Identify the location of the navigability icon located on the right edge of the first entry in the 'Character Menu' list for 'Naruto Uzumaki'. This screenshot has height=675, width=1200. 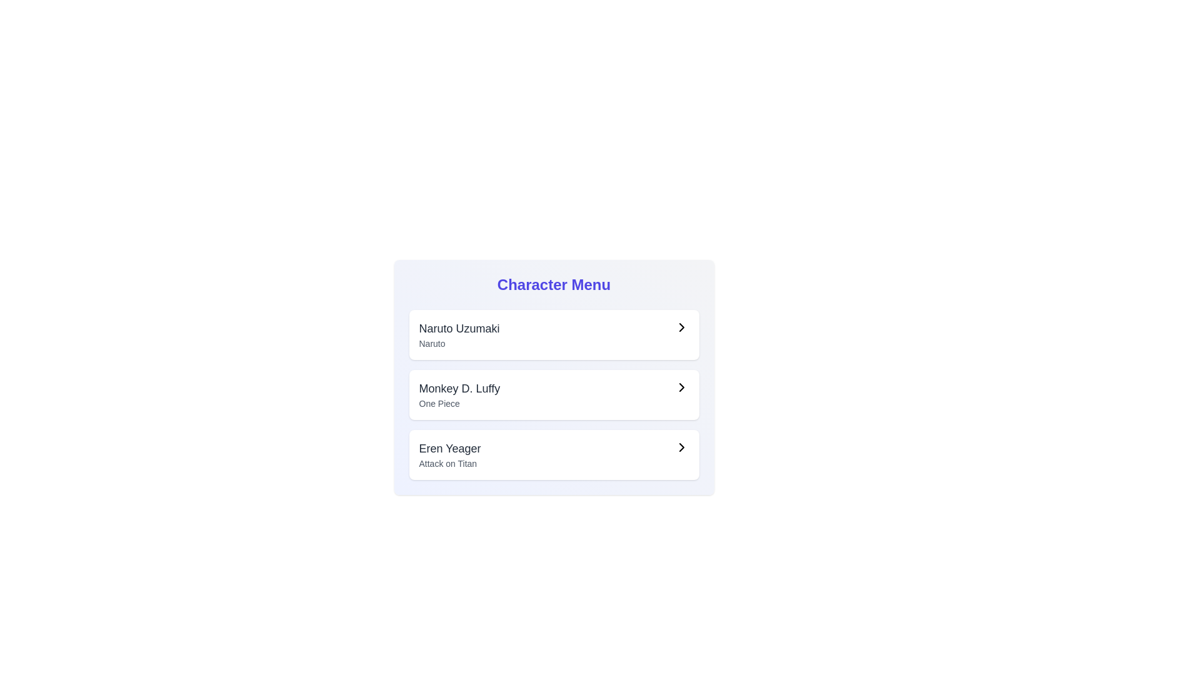
(681, 327).